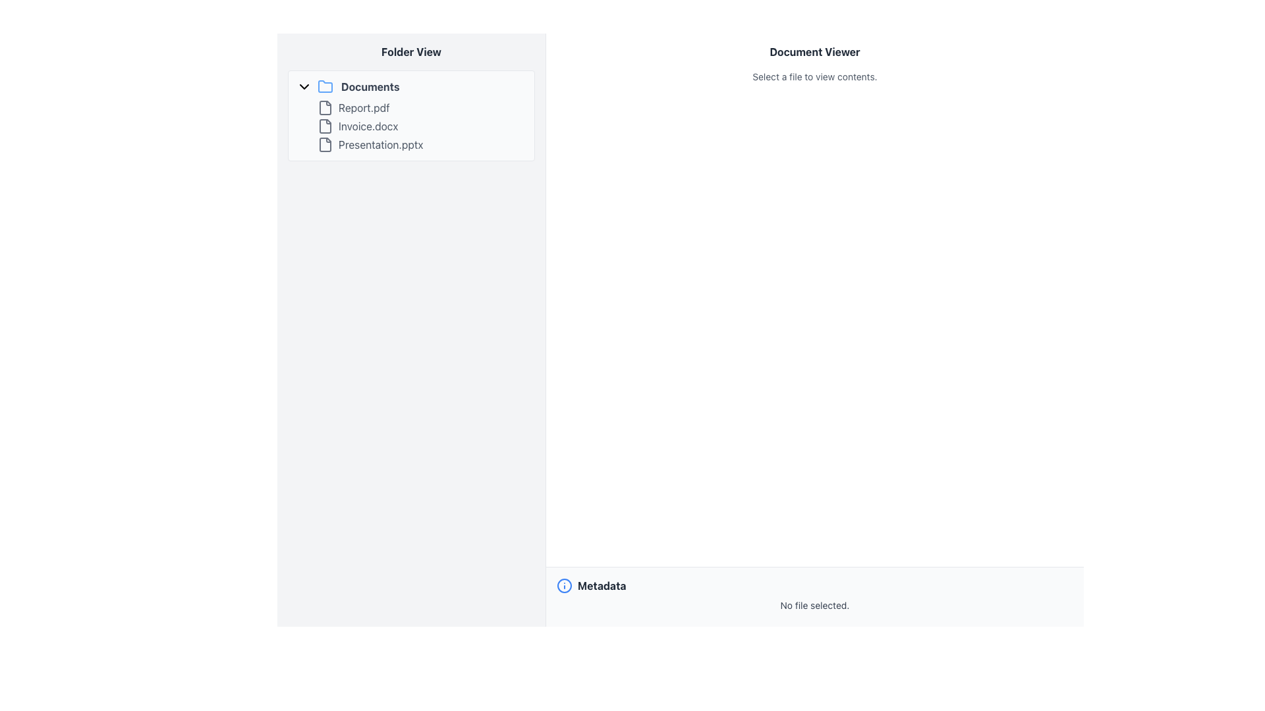 The image size is (1265, 711). Describe the element at coordinates (370, 86) in the screenshot. I see `the folder name label located in the 'Folder View' panel on the left side of the UI, which is part of a folder header structure` at that location.